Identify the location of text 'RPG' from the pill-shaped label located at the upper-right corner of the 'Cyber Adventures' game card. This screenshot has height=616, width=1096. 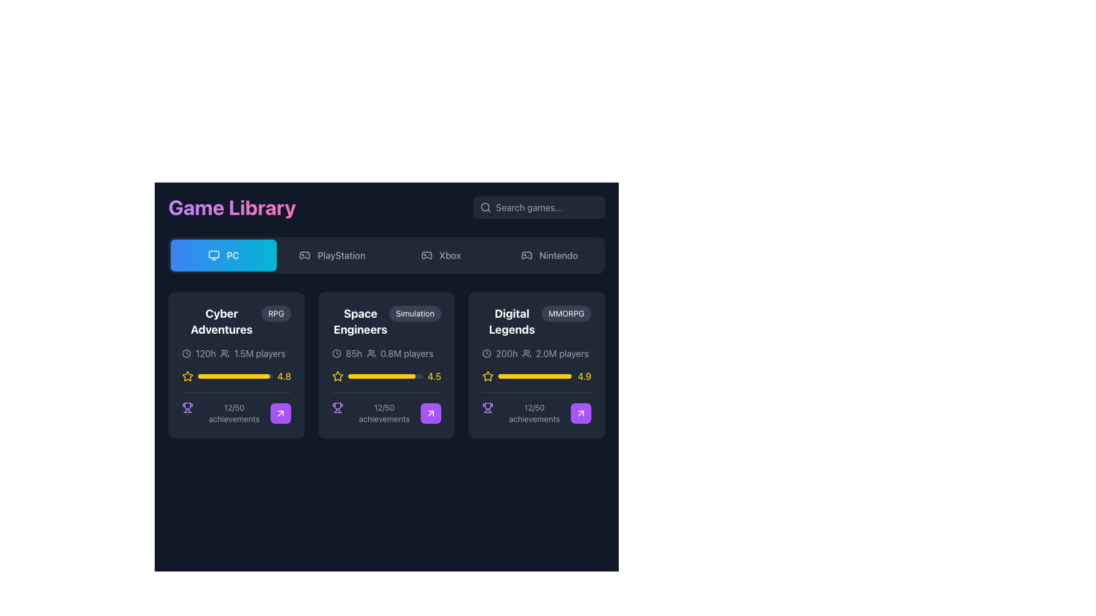
(276, 314).